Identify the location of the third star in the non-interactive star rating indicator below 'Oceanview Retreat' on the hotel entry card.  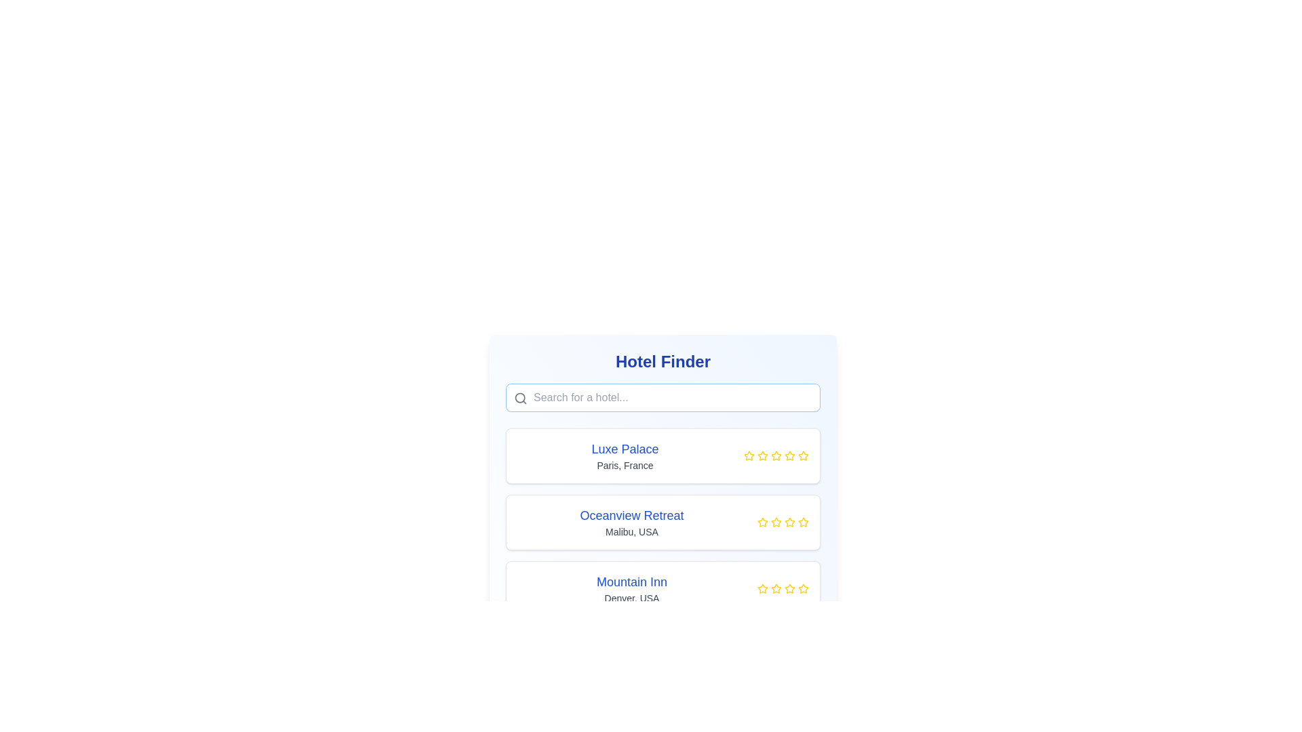
(783, 522).